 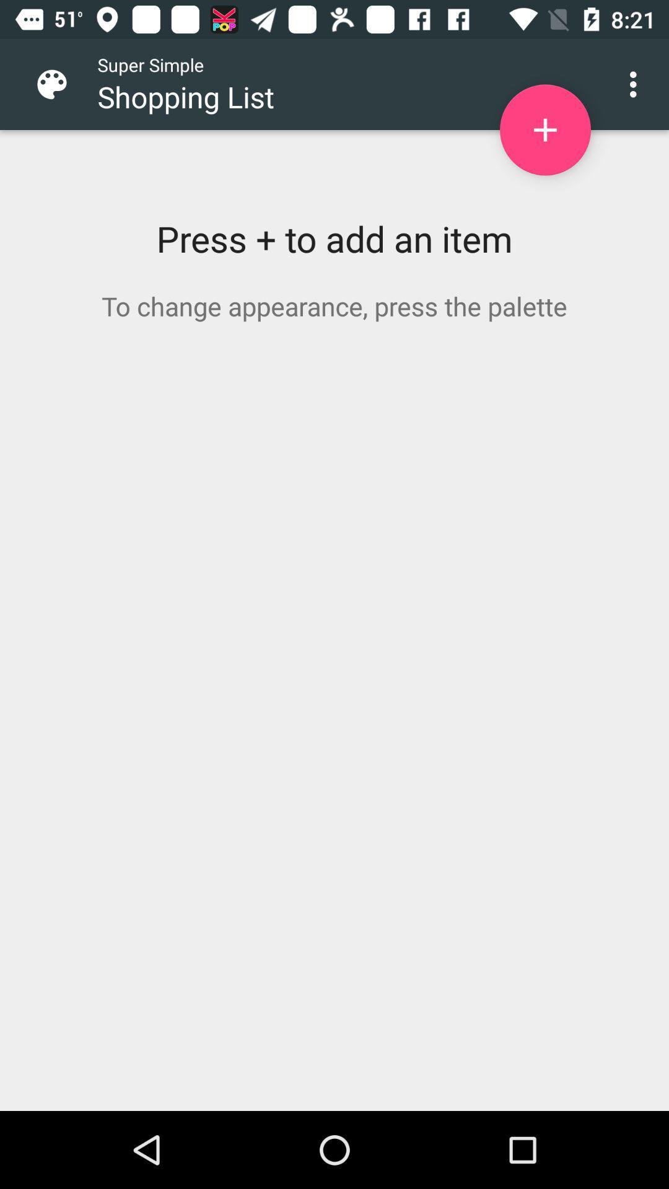 What do you see at coordinates (544, 130) in the screenshot?
I see `the add icon` at bounding box center [544, 130].